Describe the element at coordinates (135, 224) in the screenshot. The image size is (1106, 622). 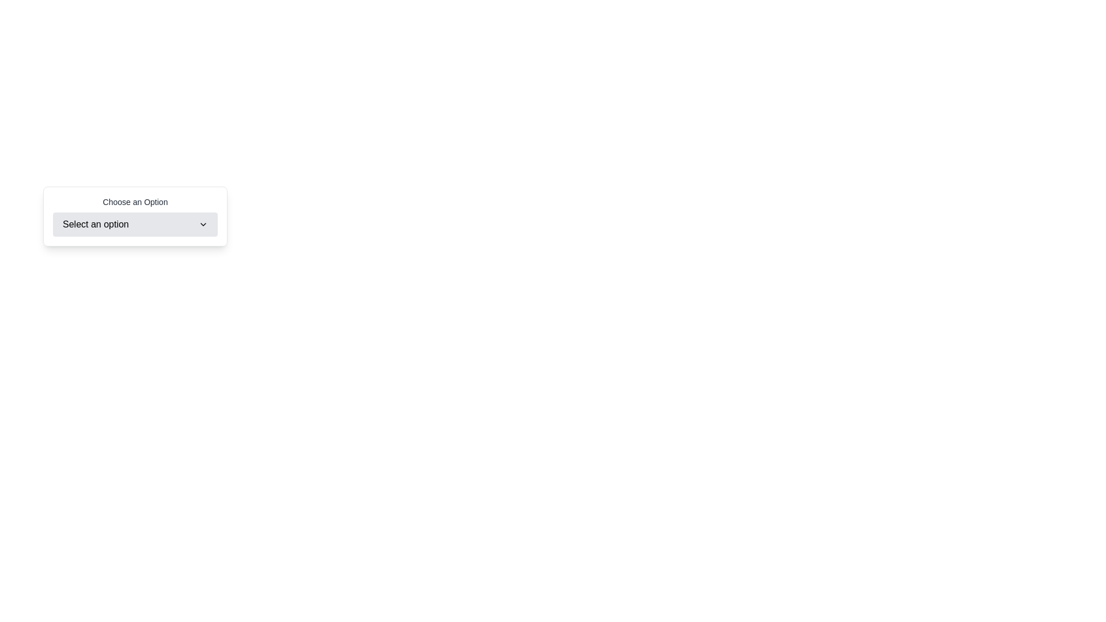
I see `the Dropdown menu located beneath the title 'Choose an Option'` at that location.